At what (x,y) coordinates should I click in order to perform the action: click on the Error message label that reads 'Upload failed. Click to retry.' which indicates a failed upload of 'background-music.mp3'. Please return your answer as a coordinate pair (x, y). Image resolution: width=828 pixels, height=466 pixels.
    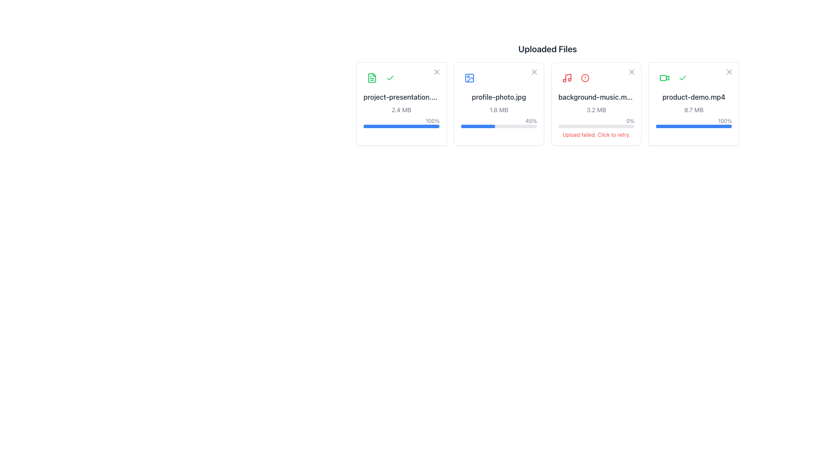
    Looking at the image, I should click on (596, 135).